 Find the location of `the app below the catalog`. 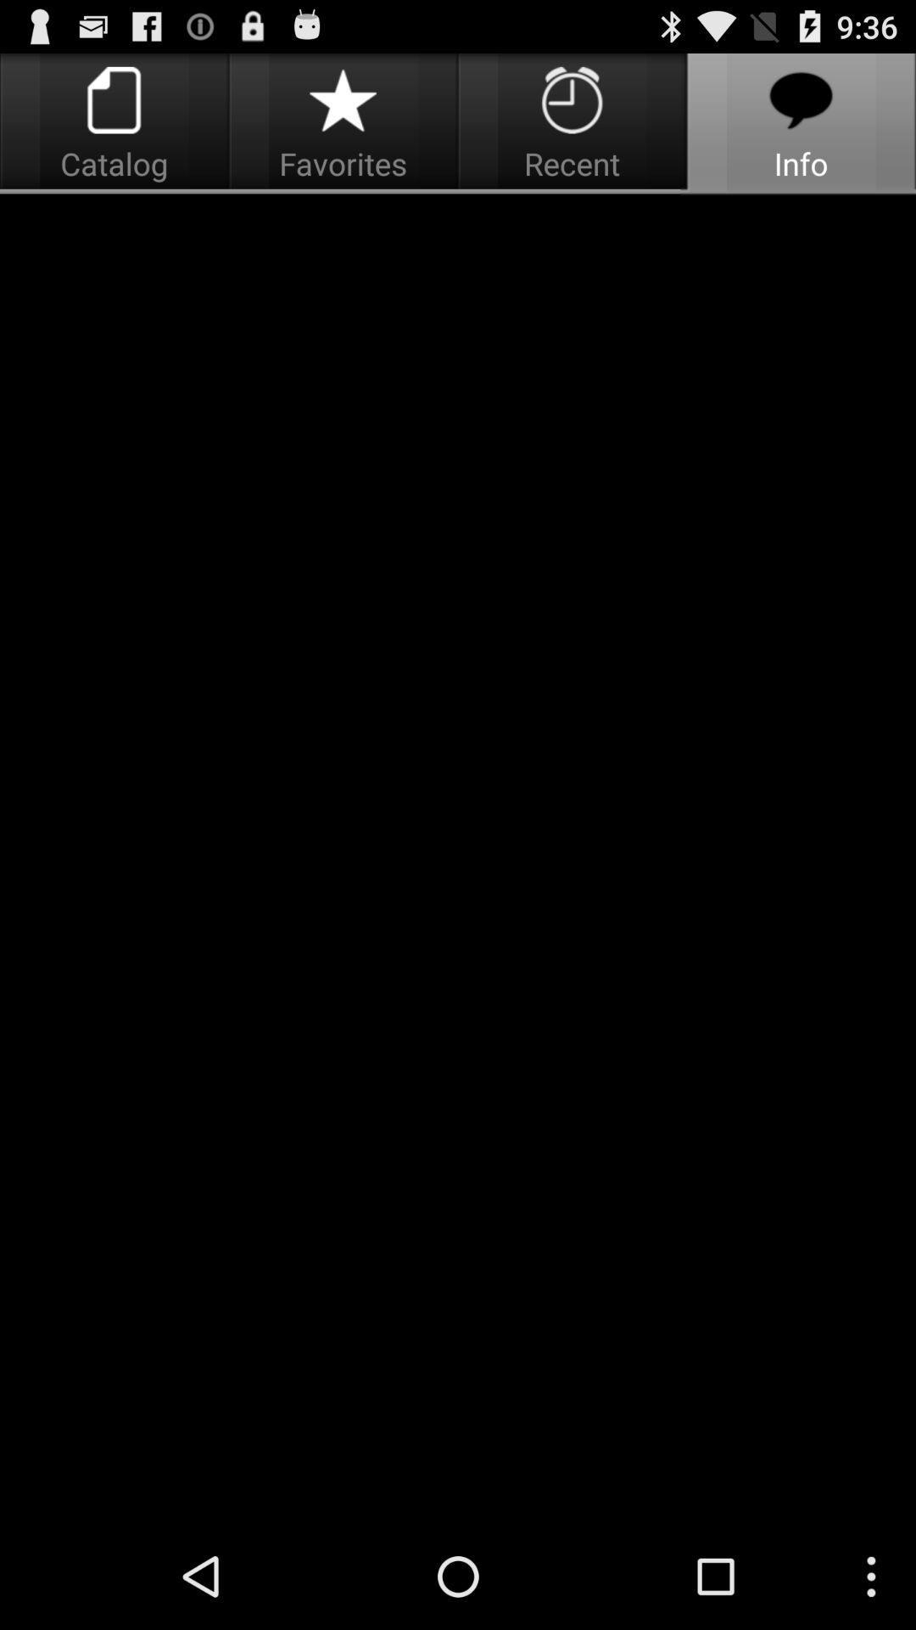

the app below the catalog is located at coordinates (458, 859).